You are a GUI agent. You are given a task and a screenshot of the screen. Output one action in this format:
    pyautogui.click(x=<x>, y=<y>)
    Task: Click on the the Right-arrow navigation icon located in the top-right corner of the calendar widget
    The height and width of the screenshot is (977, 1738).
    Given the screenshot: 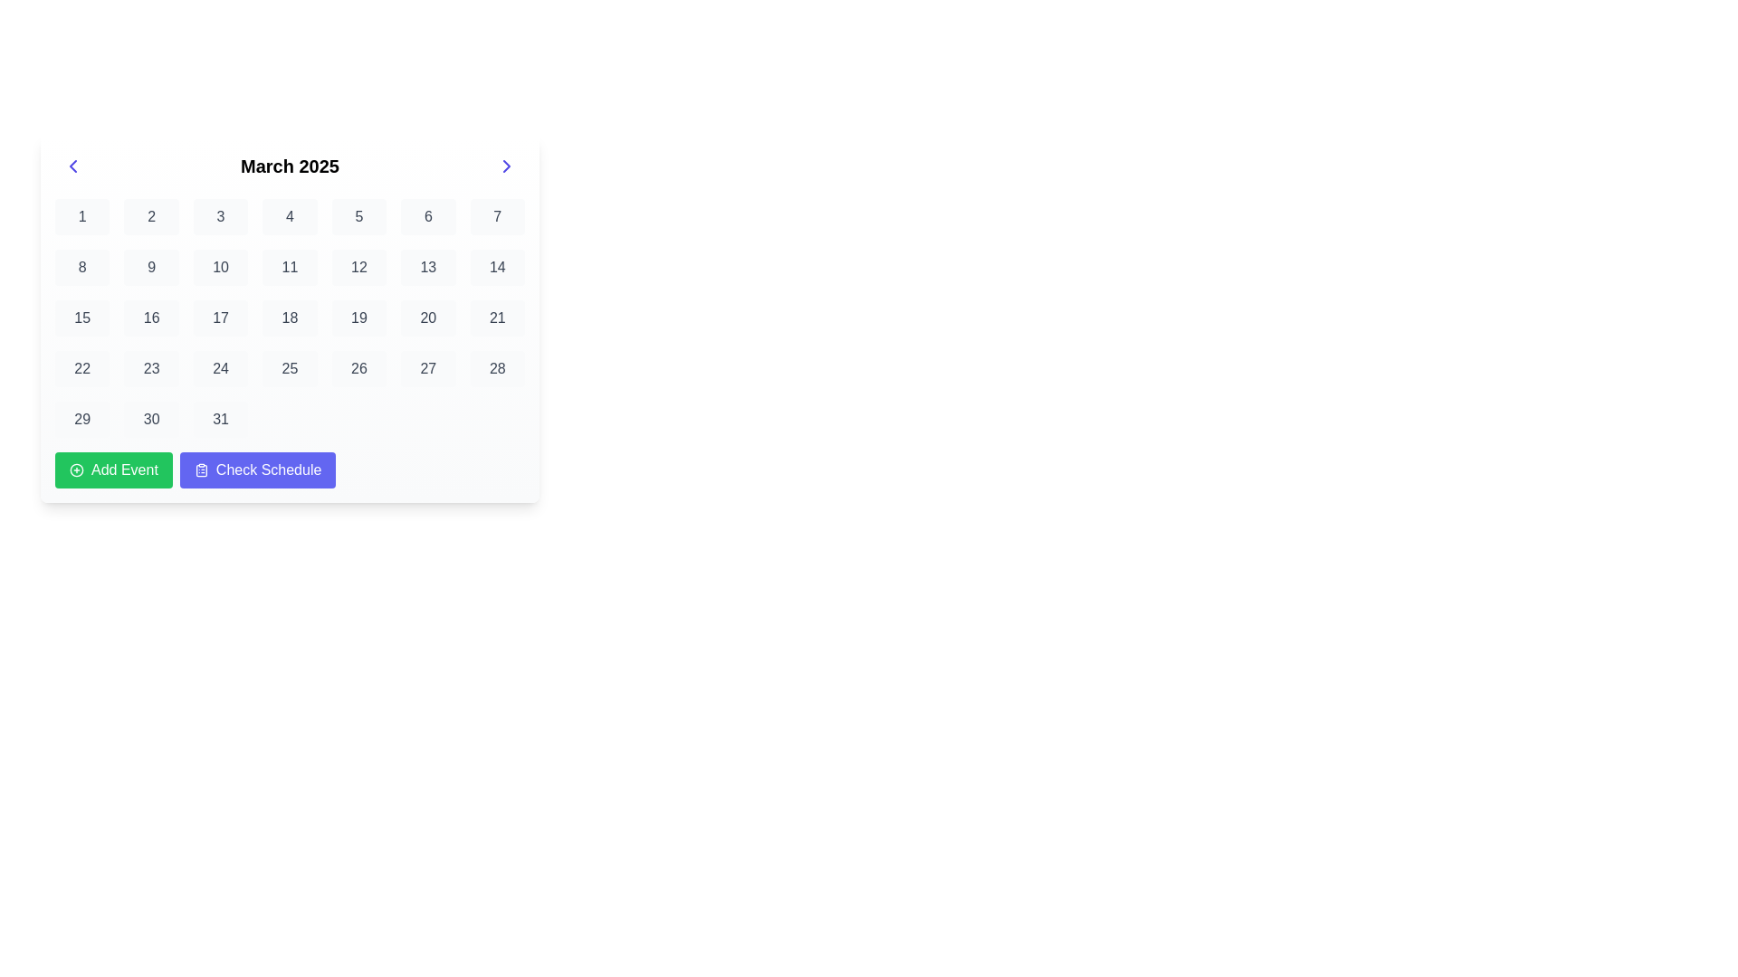 What is the action you would take?
    pyautogui.click(x=507, y=166)
    